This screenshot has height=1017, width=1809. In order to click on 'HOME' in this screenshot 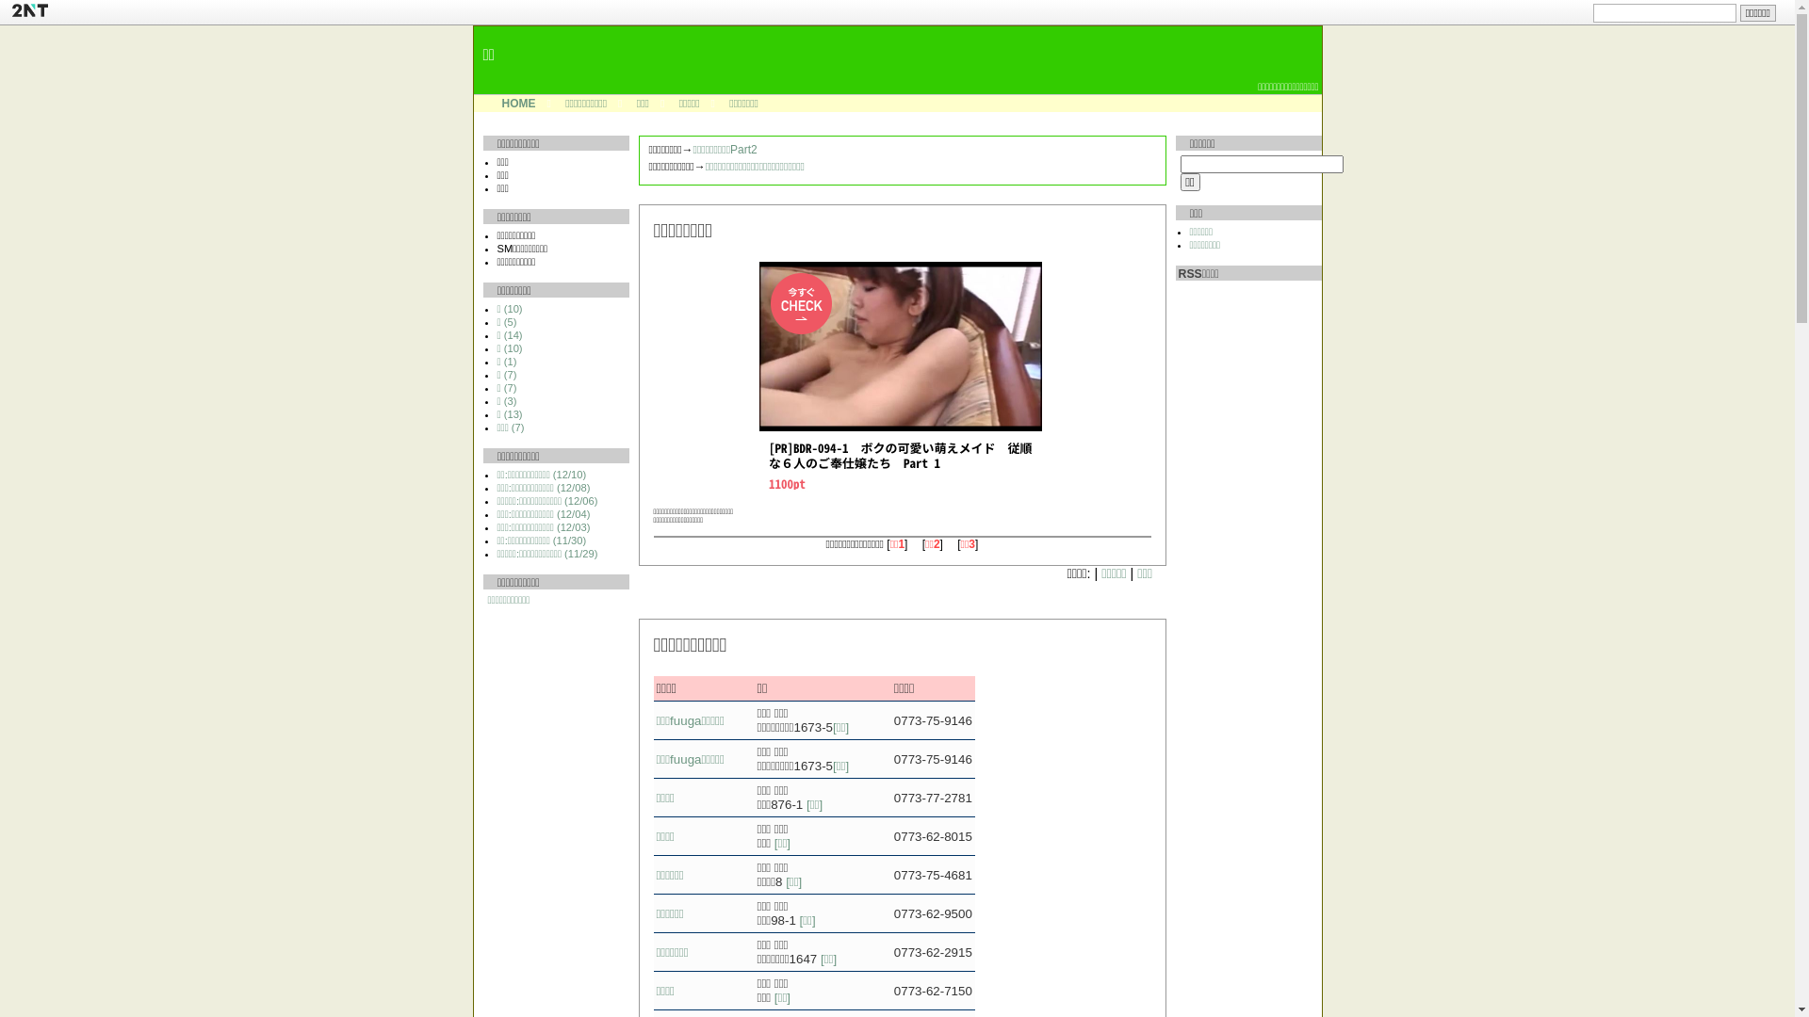, I will do `click(518, 104)`.